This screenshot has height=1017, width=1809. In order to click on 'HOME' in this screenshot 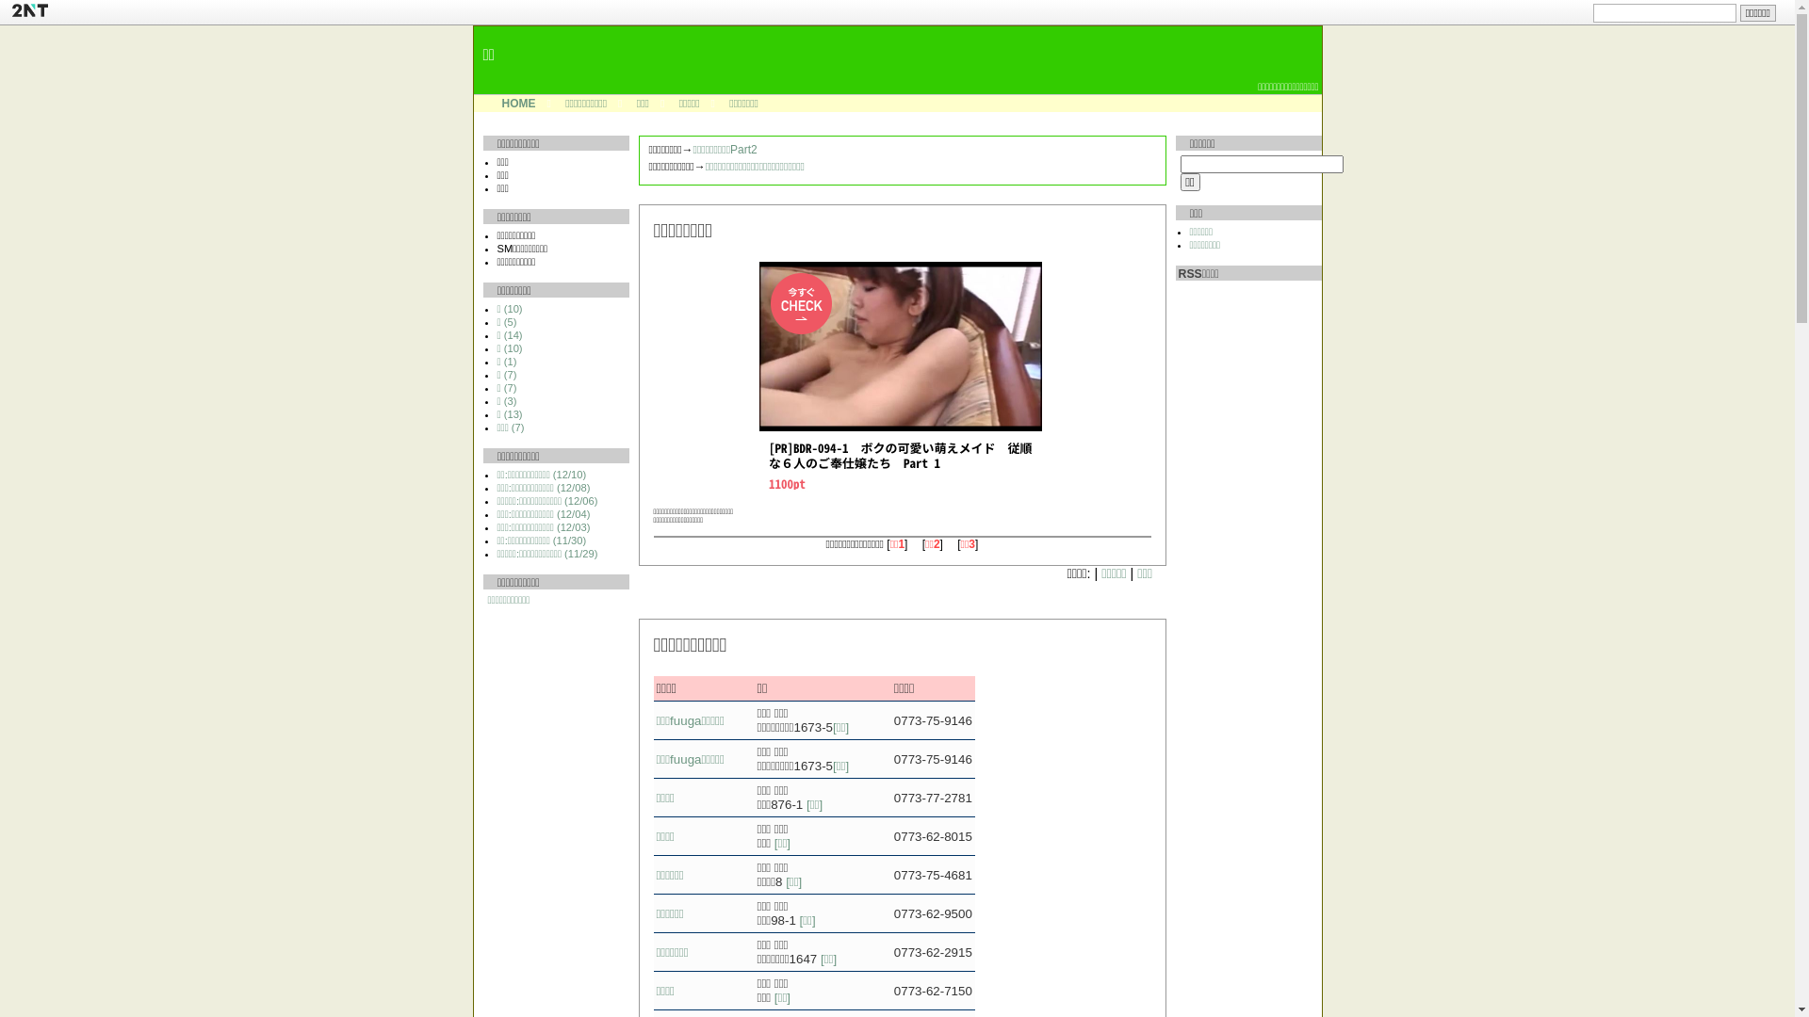, I will do `click(518, 104)`.